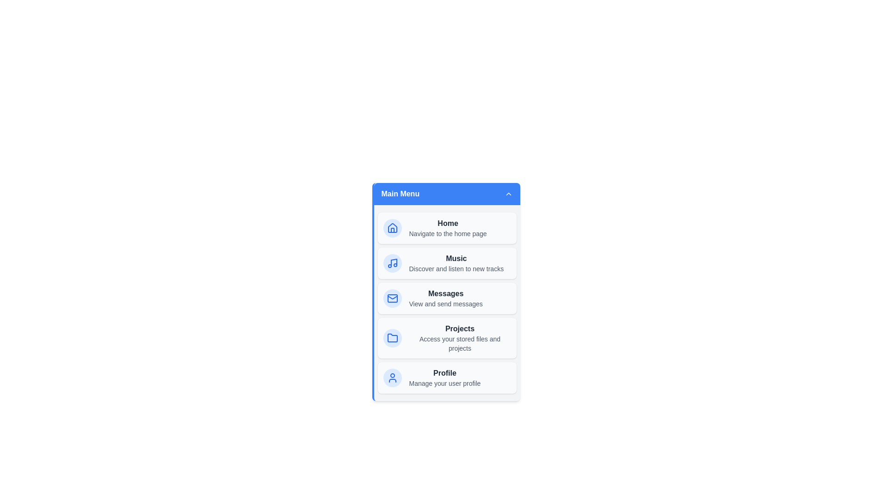  Describe the element at coordinates (447, 263) in the screenshot. I see `the menu item corresponding to Music` at that location.